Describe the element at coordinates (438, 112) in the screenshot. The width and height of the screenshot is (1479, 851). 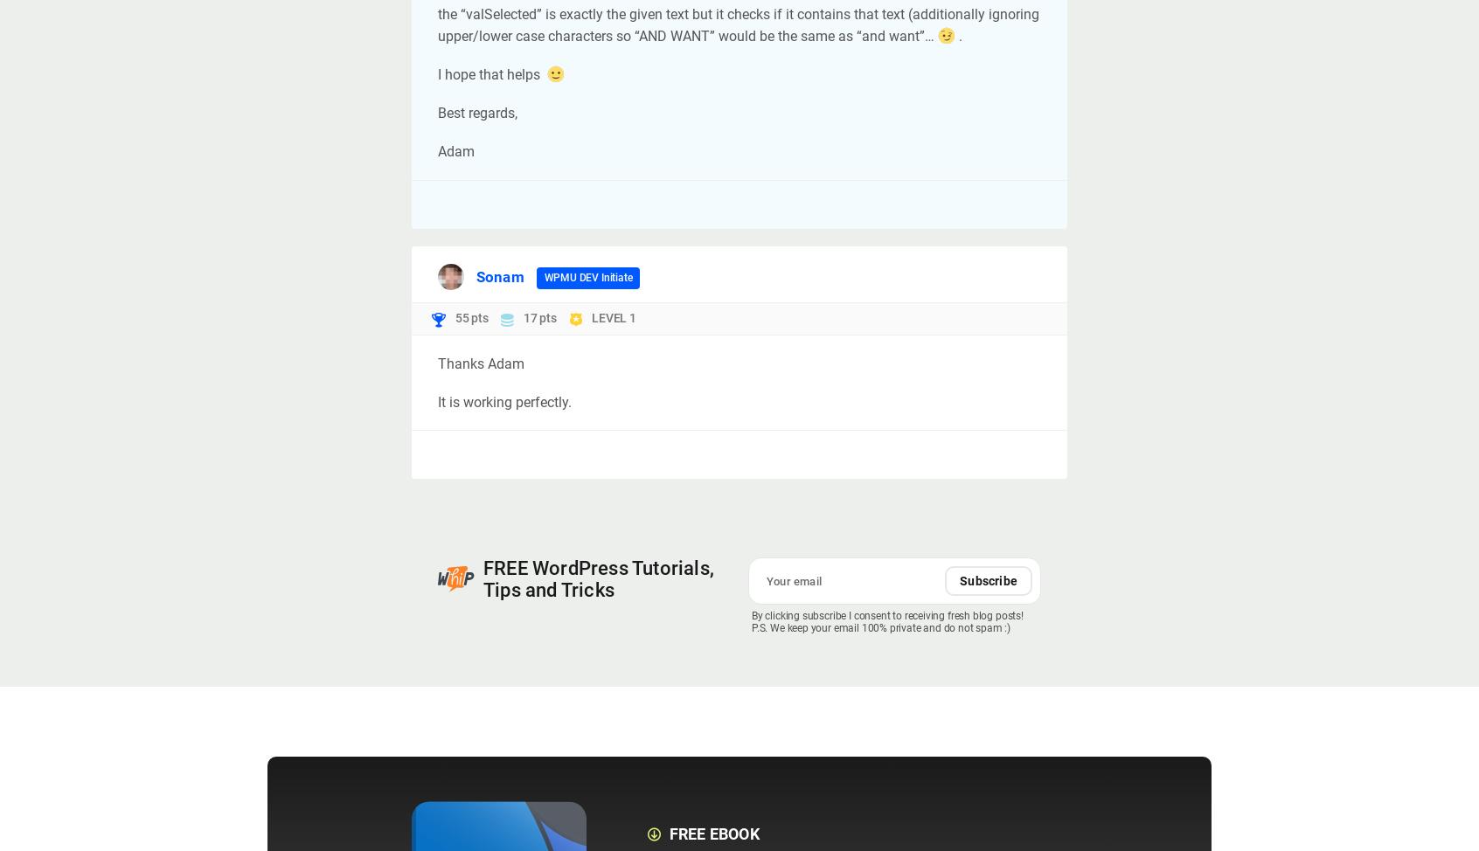
I see `'Best regards,'` at that location.